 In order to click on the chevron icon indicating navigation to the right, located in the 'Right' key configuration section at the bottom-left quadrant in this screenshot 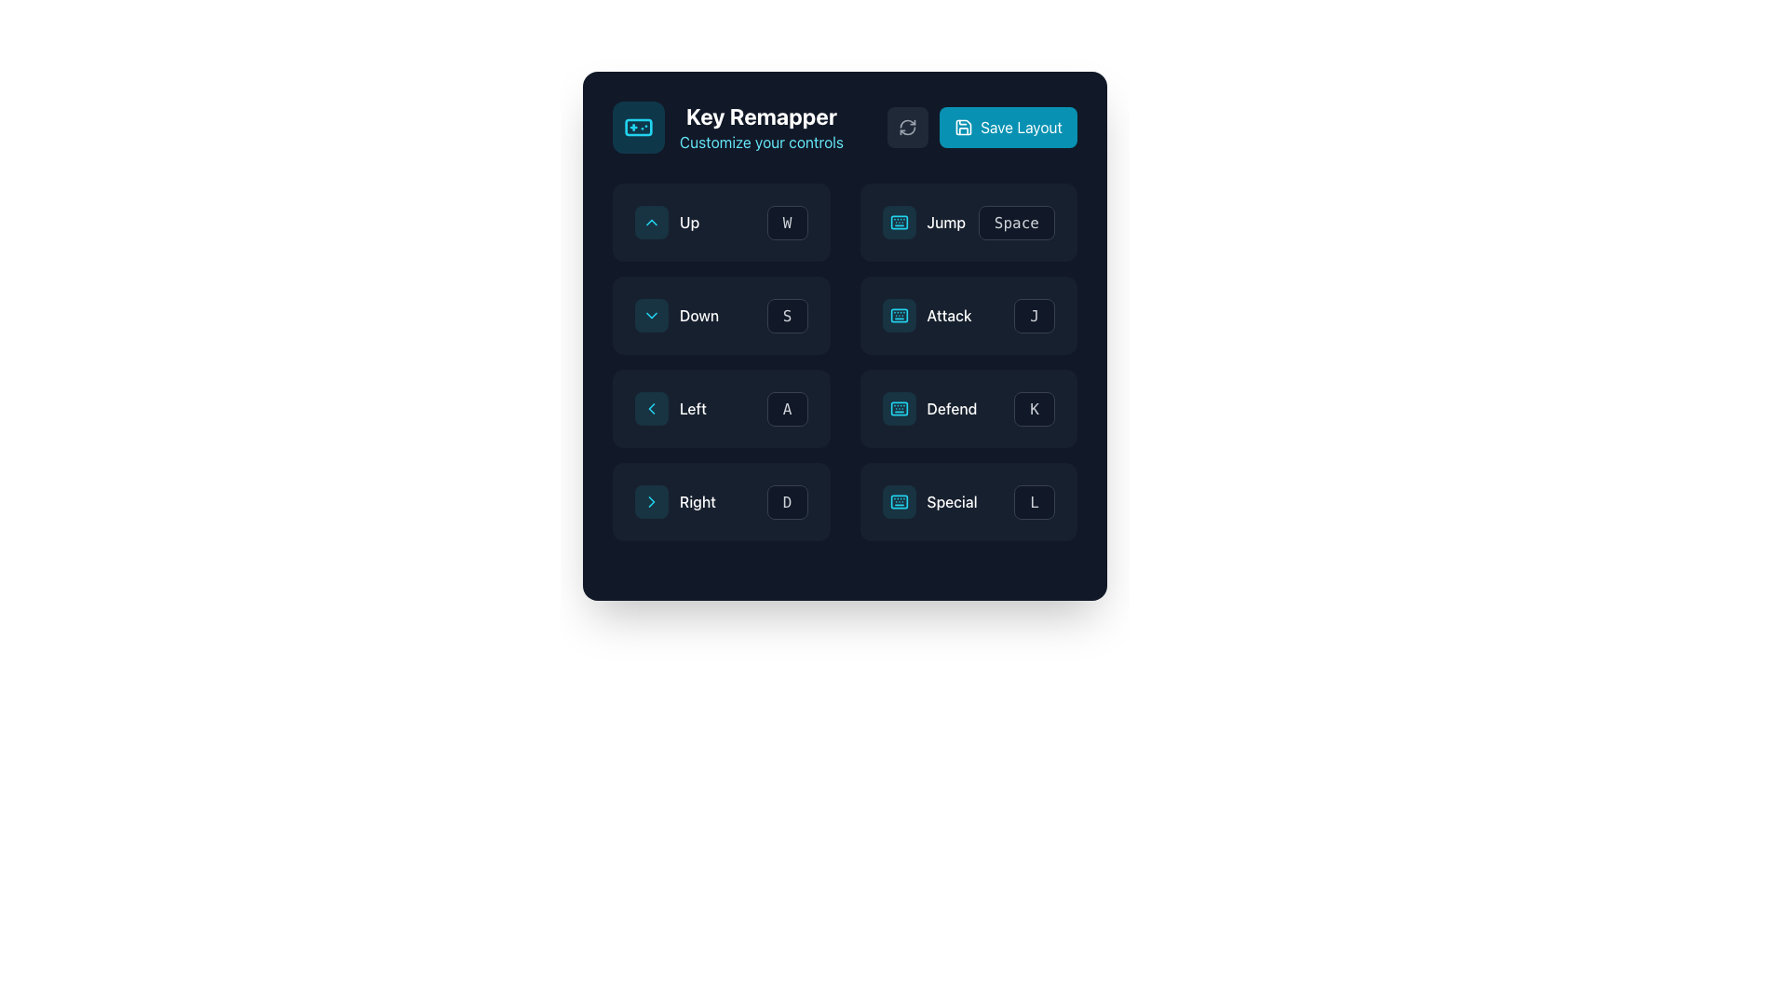, I will do `click(652, 501)`.